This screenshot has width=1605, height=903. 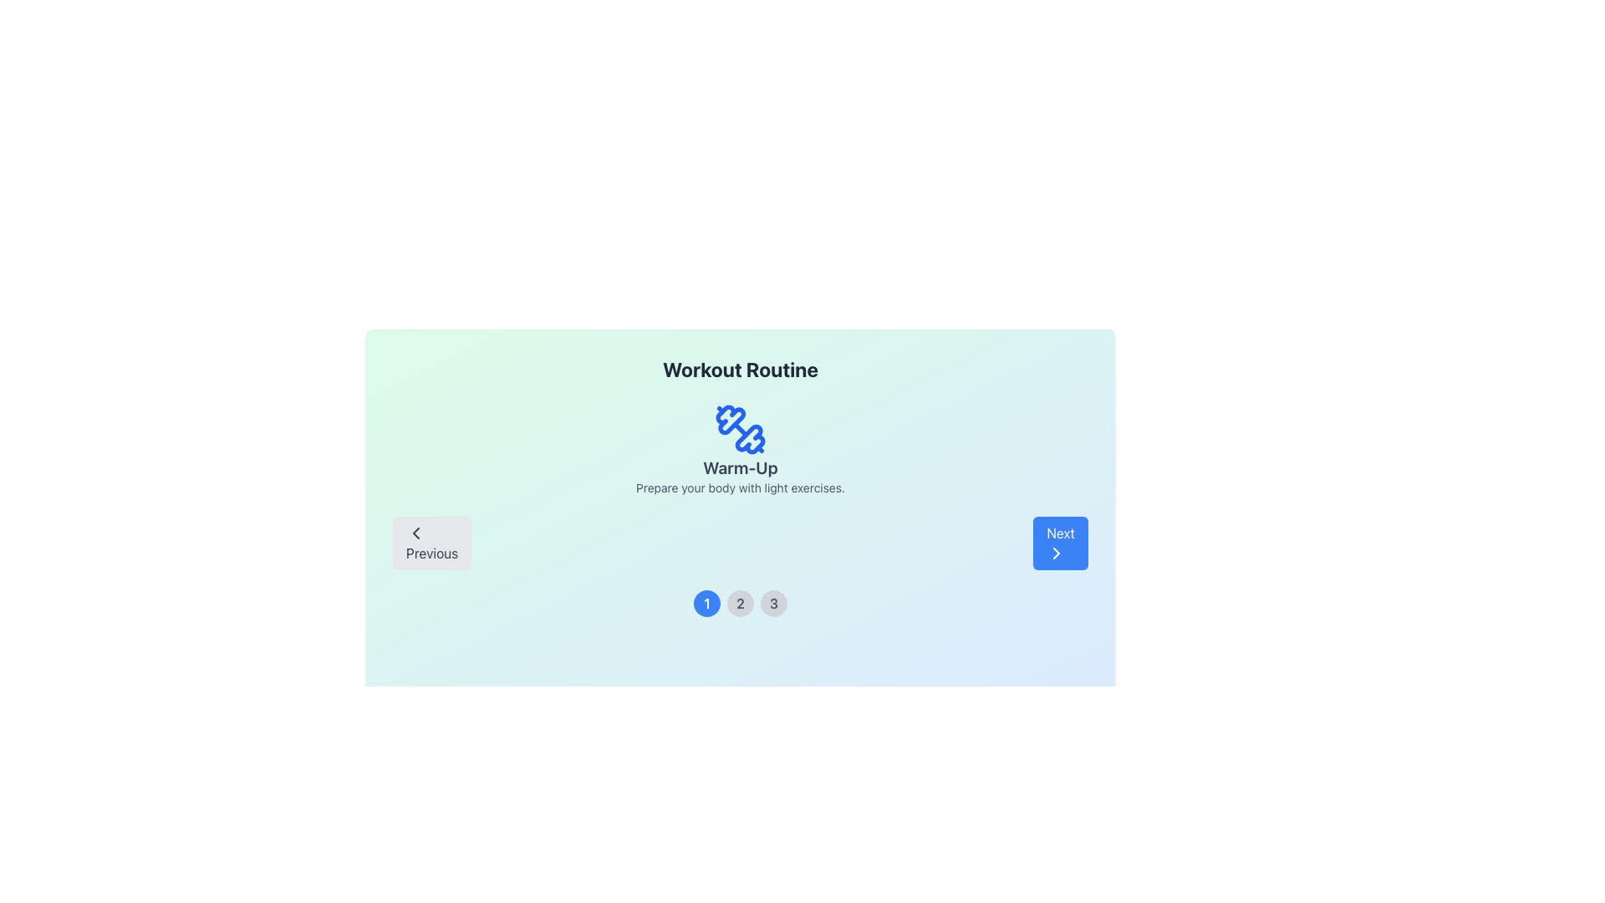 I want to click on the first circular button located at the center bottom of the layout, so click(x=706, y=603).